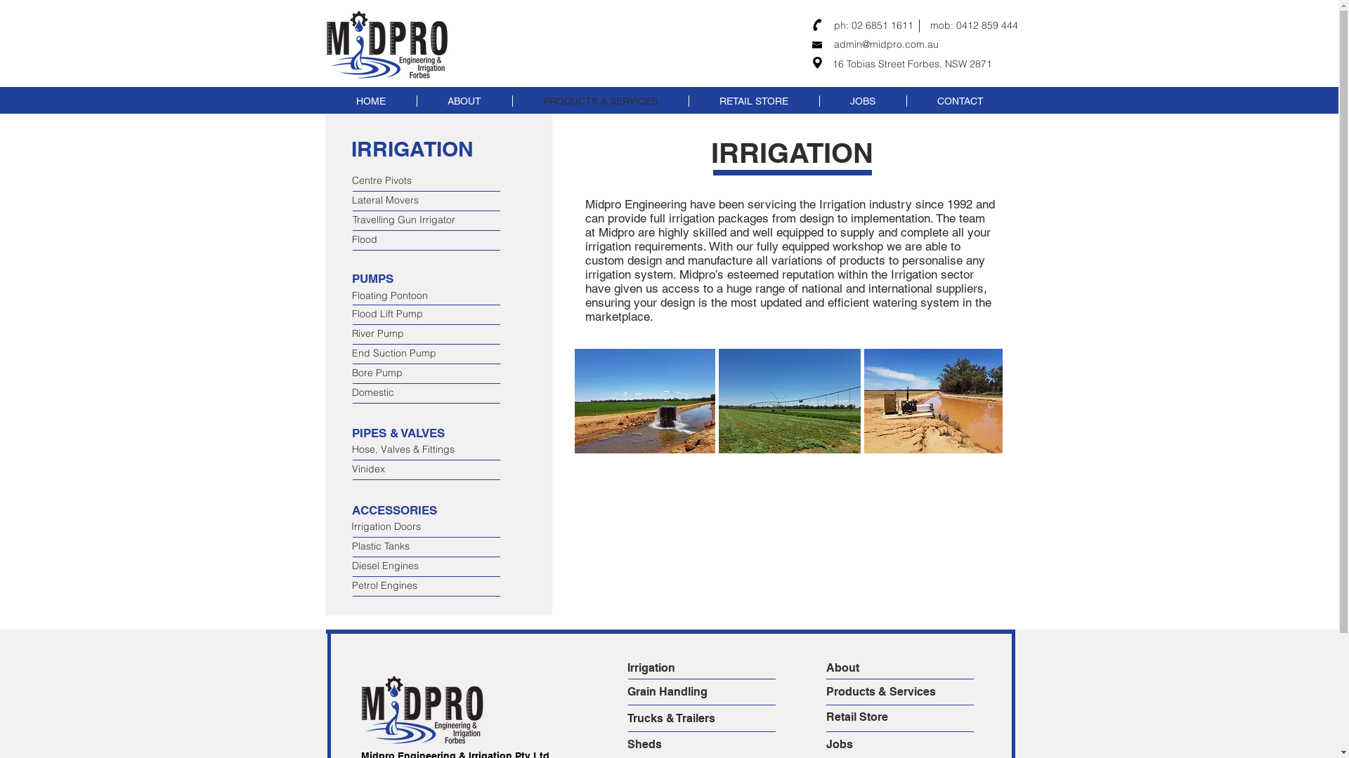 Image resolution: width=1349 pixels, height=758 pixels. Describe the element at coordinates (677, 667) in the screenshot. I see `'Irrigation'` at that location.